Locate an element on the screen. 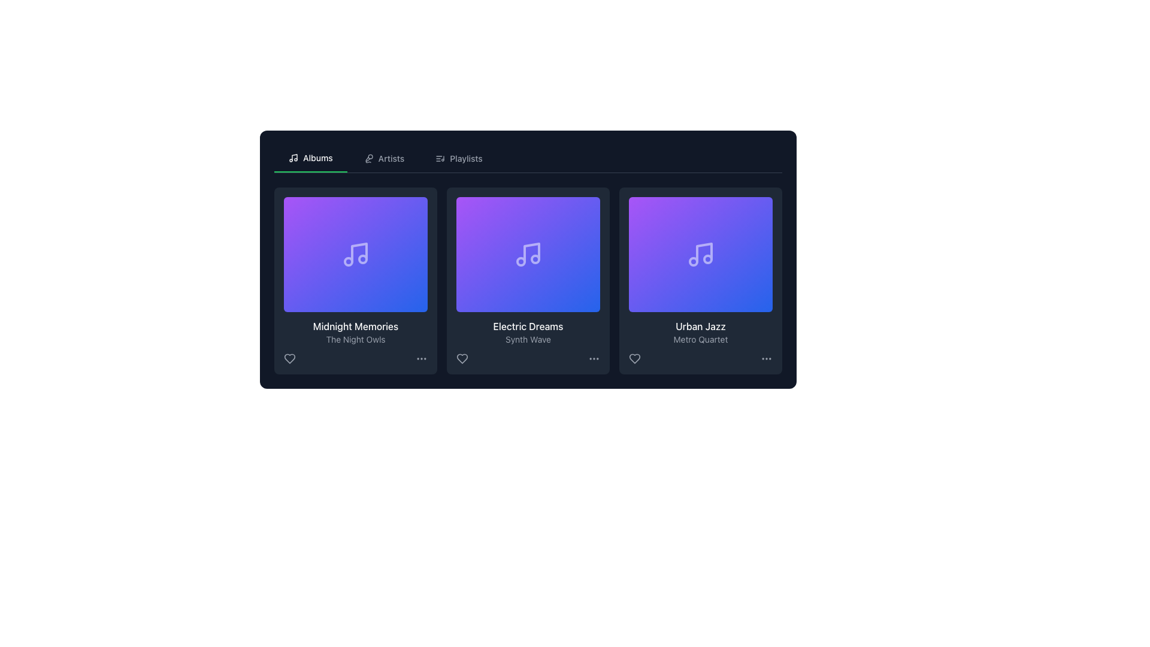 Image resolution: width=1150 pixels, height=647 pixels. the vertical line resembling the neck of a music note, which is part of the 'Urban Jazz' album tile is located at coordinates (704, 252).